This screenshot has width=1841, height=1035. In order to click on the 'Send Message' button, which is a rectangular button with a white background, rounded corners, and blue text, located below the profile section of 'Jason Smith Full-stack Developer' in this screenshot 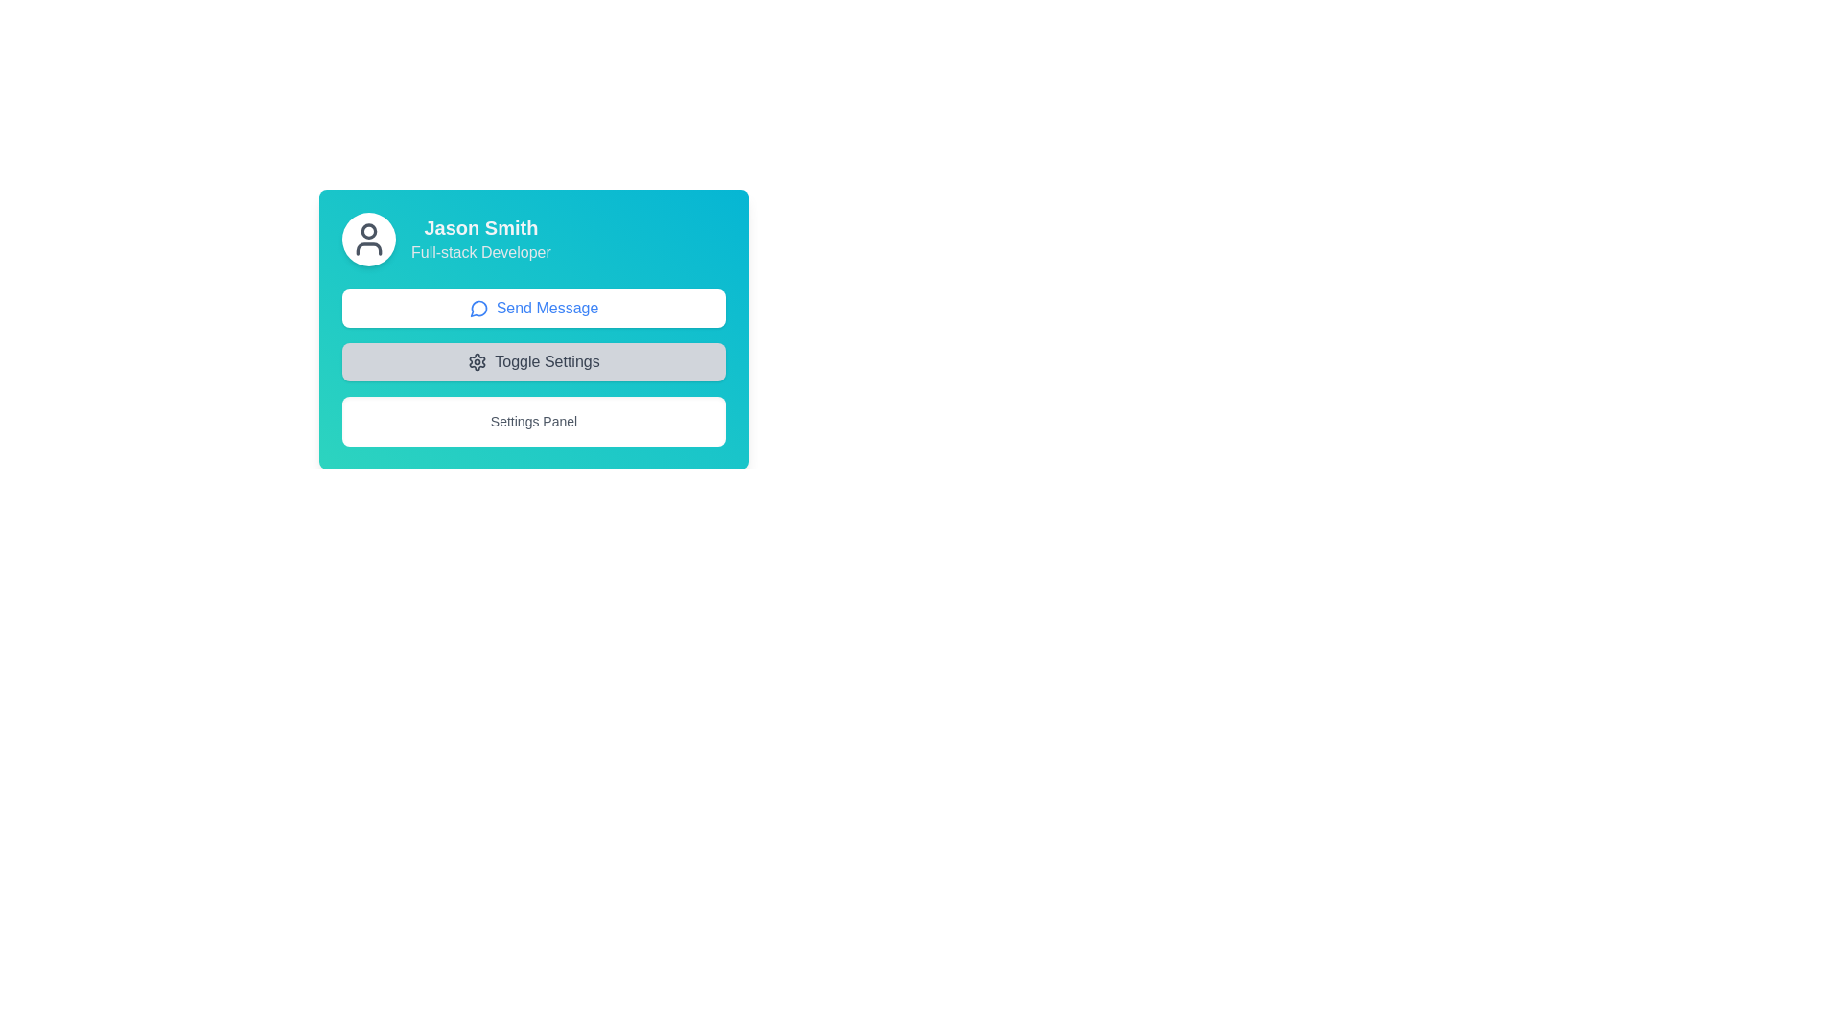, I will do `click(533, 307)`.